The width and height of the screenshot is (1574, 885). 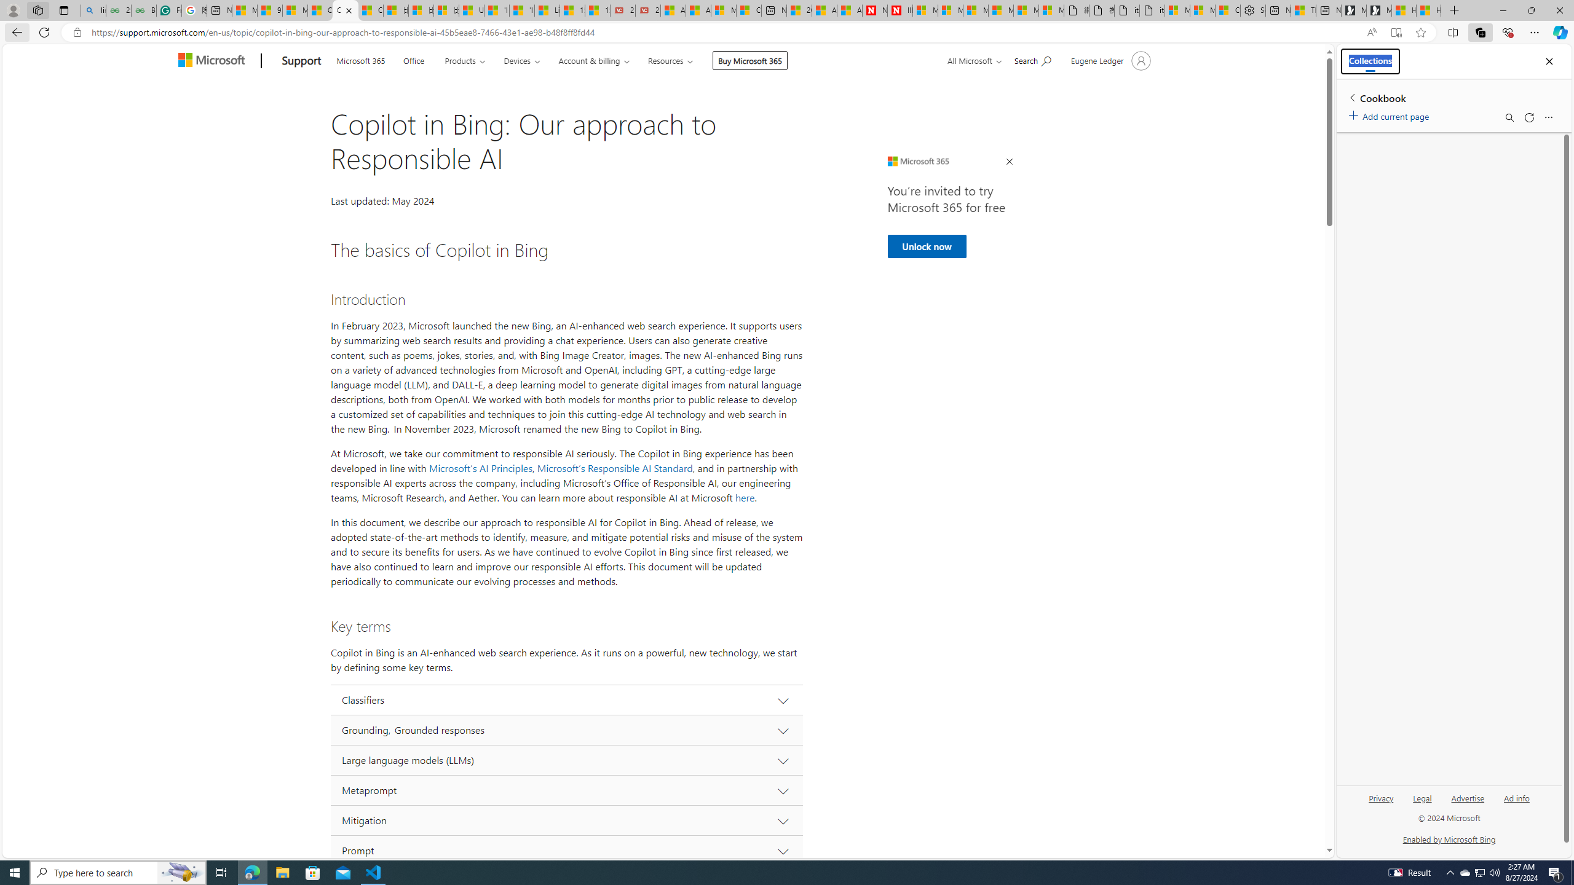 What do you see at coordinates (118, 10) in the screenshot?
I see `'25 Basic Linux Commands For Beginners - GeeksforGeeks'` at bounding box center [118, 10].